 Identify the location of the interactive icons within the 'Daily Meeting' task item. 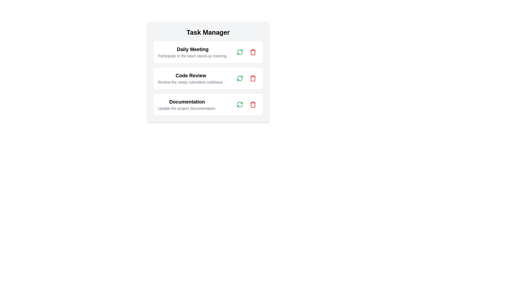
(246, 52).